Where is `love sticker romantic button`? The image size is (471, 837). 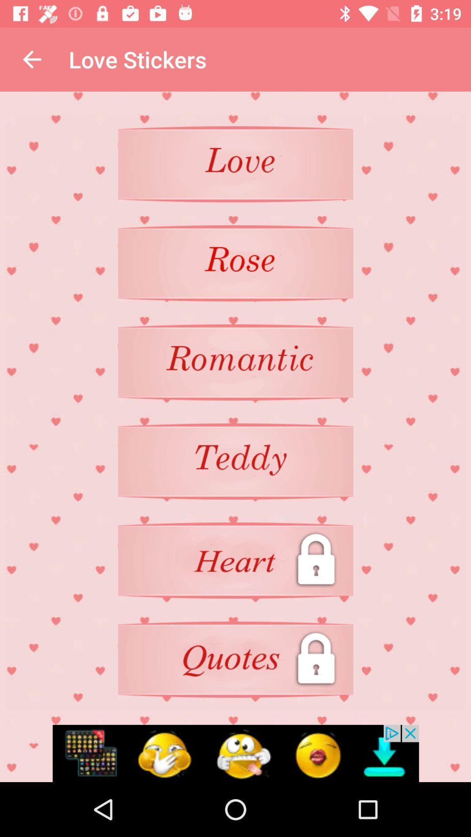 love sticker romantic button is located at coordinates (235, 362).